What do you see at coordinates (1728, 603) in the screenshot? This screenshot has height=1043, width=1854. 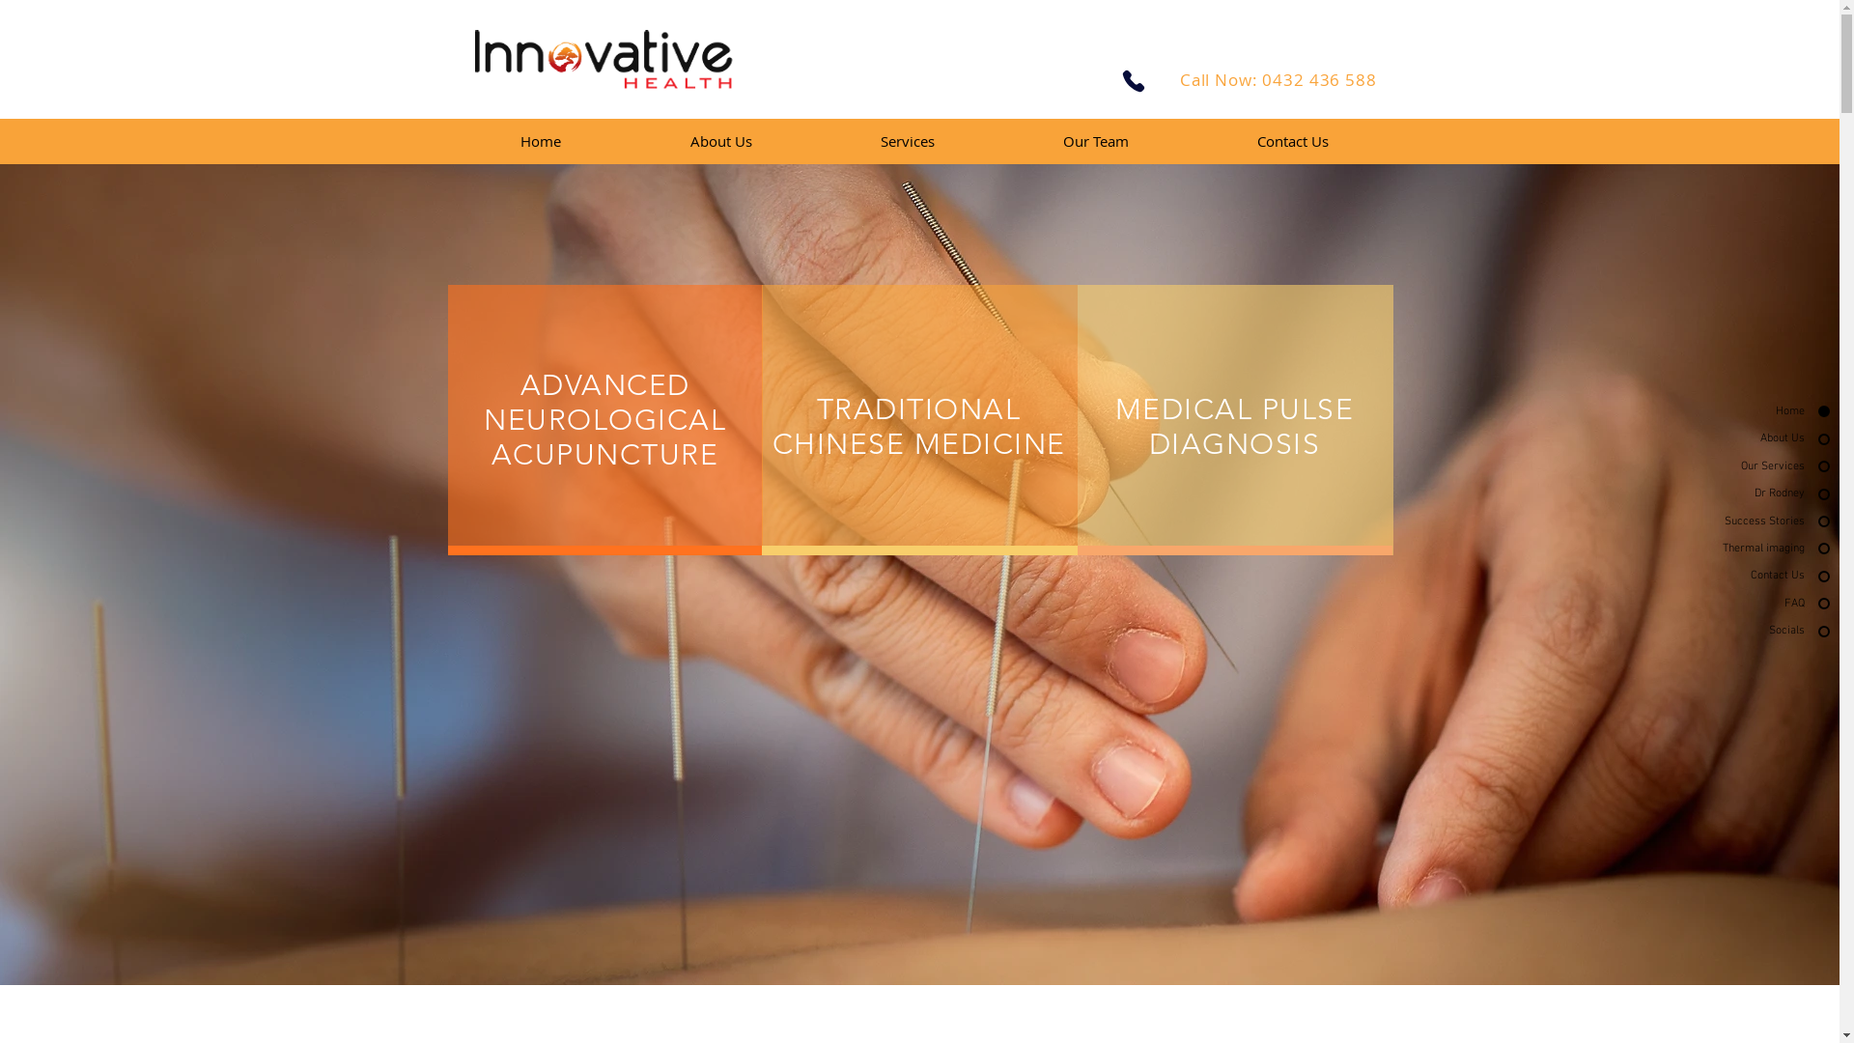 I see `'FAQ'` at bounding box center [1728, 603].